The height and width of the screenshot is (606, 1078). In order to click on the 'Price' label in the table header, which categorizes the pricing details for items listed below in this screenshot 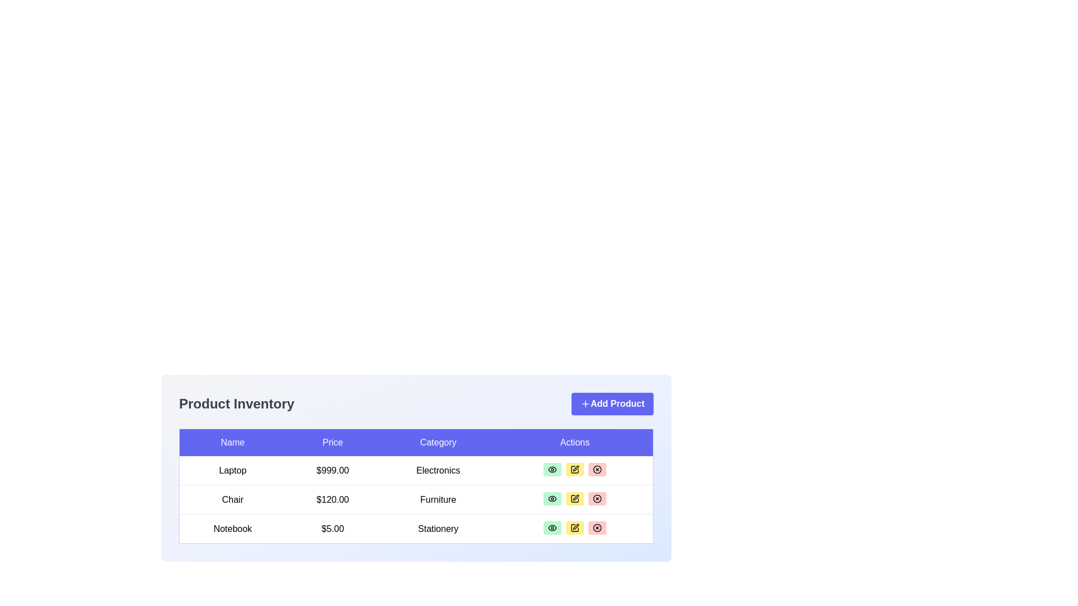, I will do `click(332, 442)`.